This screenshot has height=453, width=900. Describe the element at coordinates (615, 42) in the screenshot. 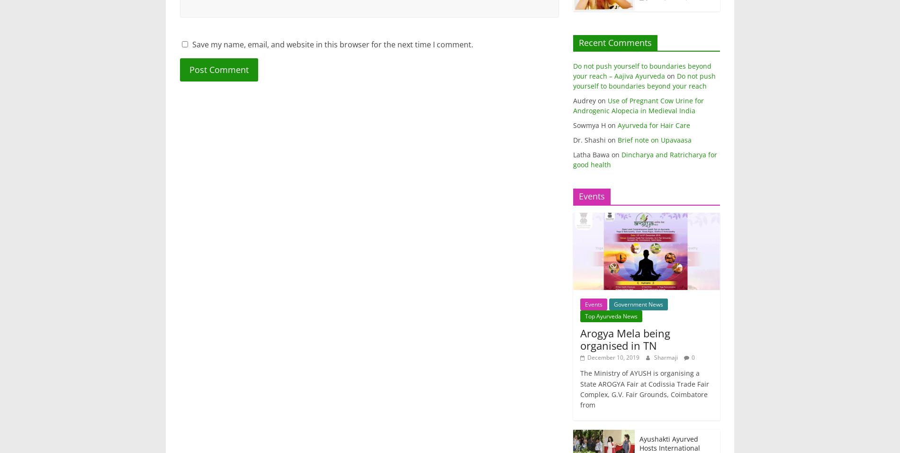

I see `'Recent Comments'` at that location.